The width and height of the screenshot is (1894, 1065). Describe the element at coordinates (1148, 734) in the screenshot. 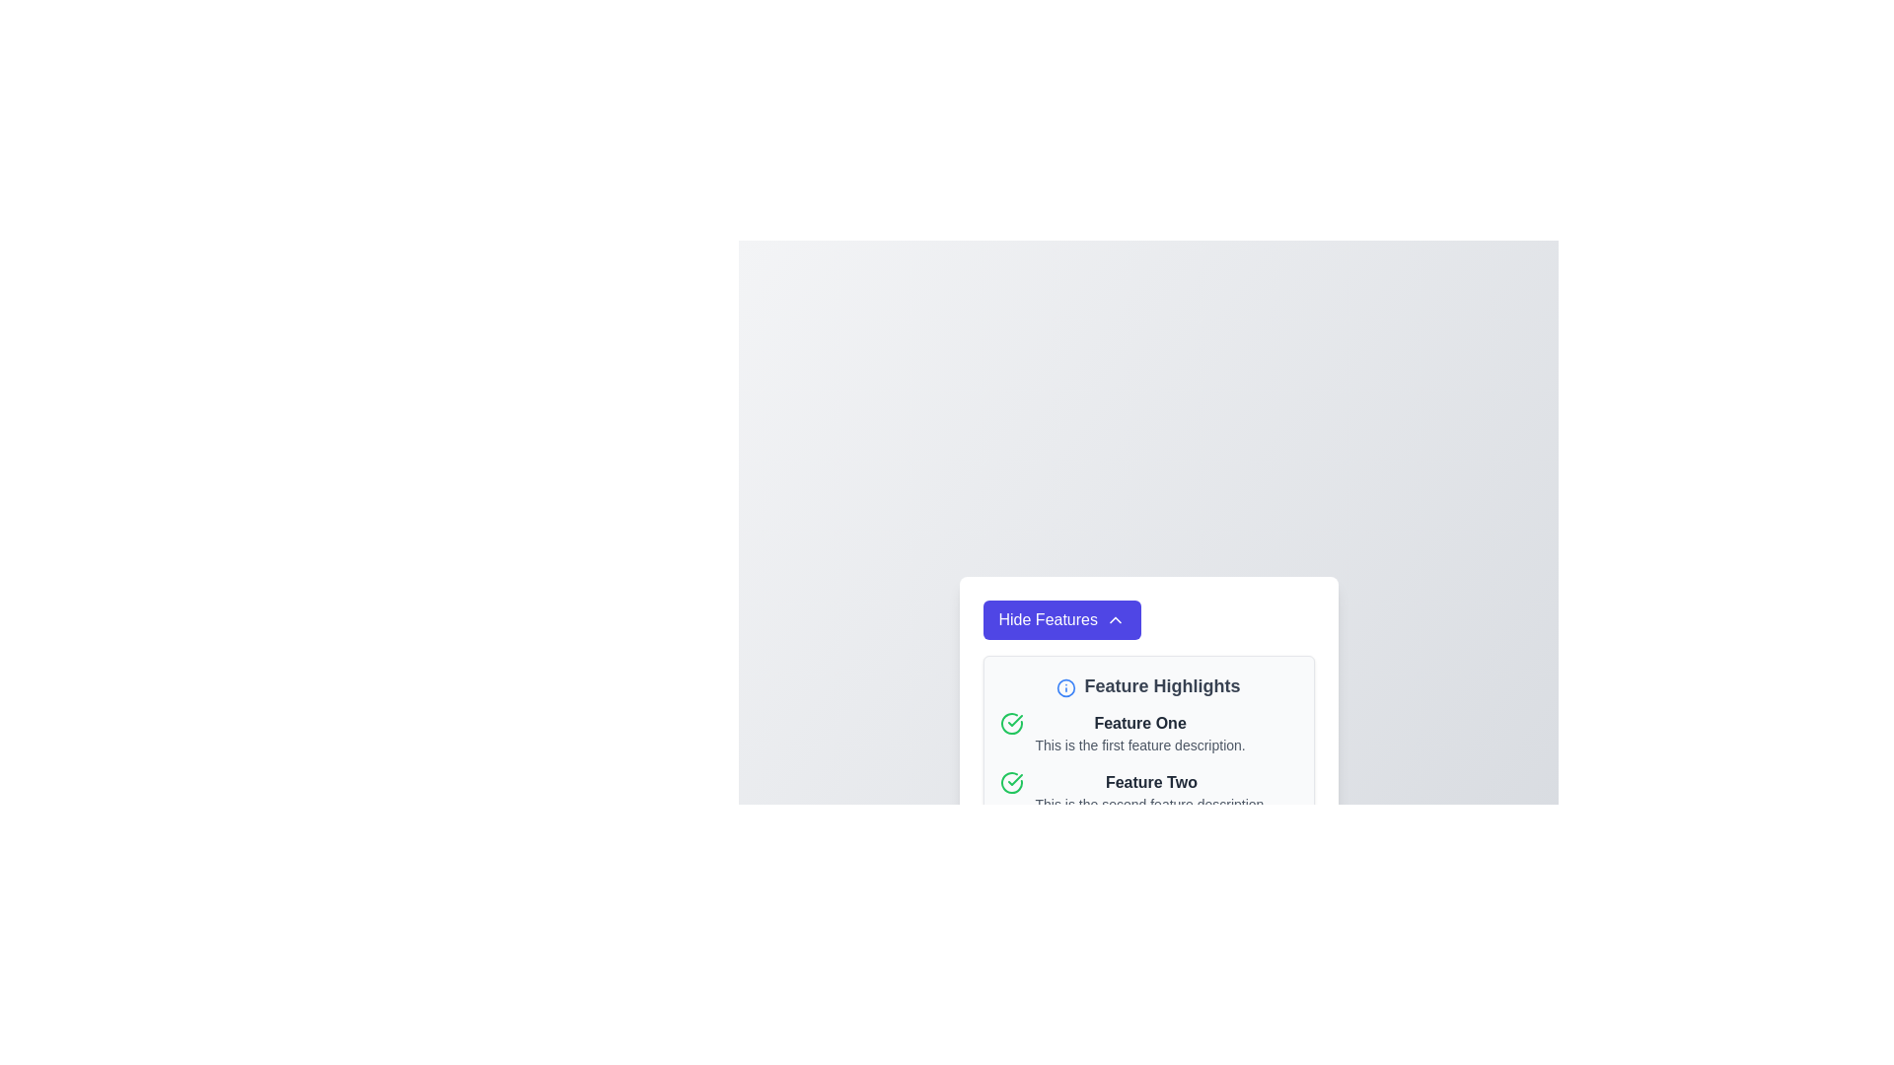

I see `text of the first Descriptive Feature Item located under the 'Feature Highlights' section, which displays a feature title with a description and a visual confirmation icon` at that location.